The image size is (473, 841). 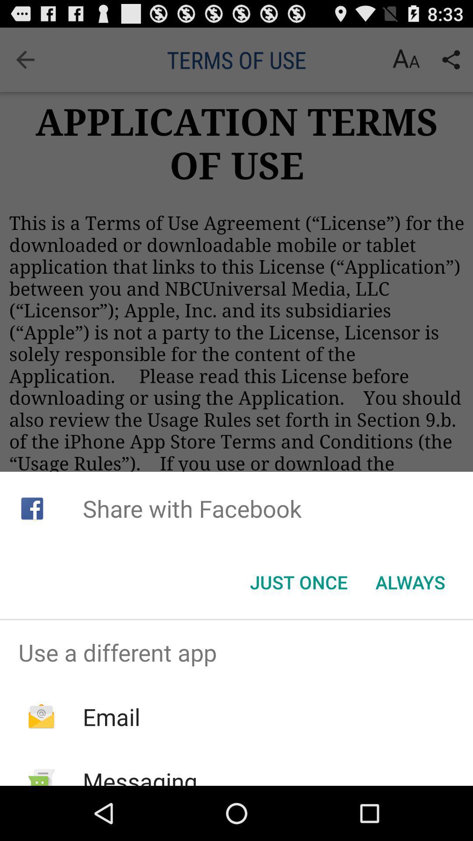 What do you see at coordinates (236, 652) in the screenshot?
I see `the icon above email` at bounding box center [236, 652].